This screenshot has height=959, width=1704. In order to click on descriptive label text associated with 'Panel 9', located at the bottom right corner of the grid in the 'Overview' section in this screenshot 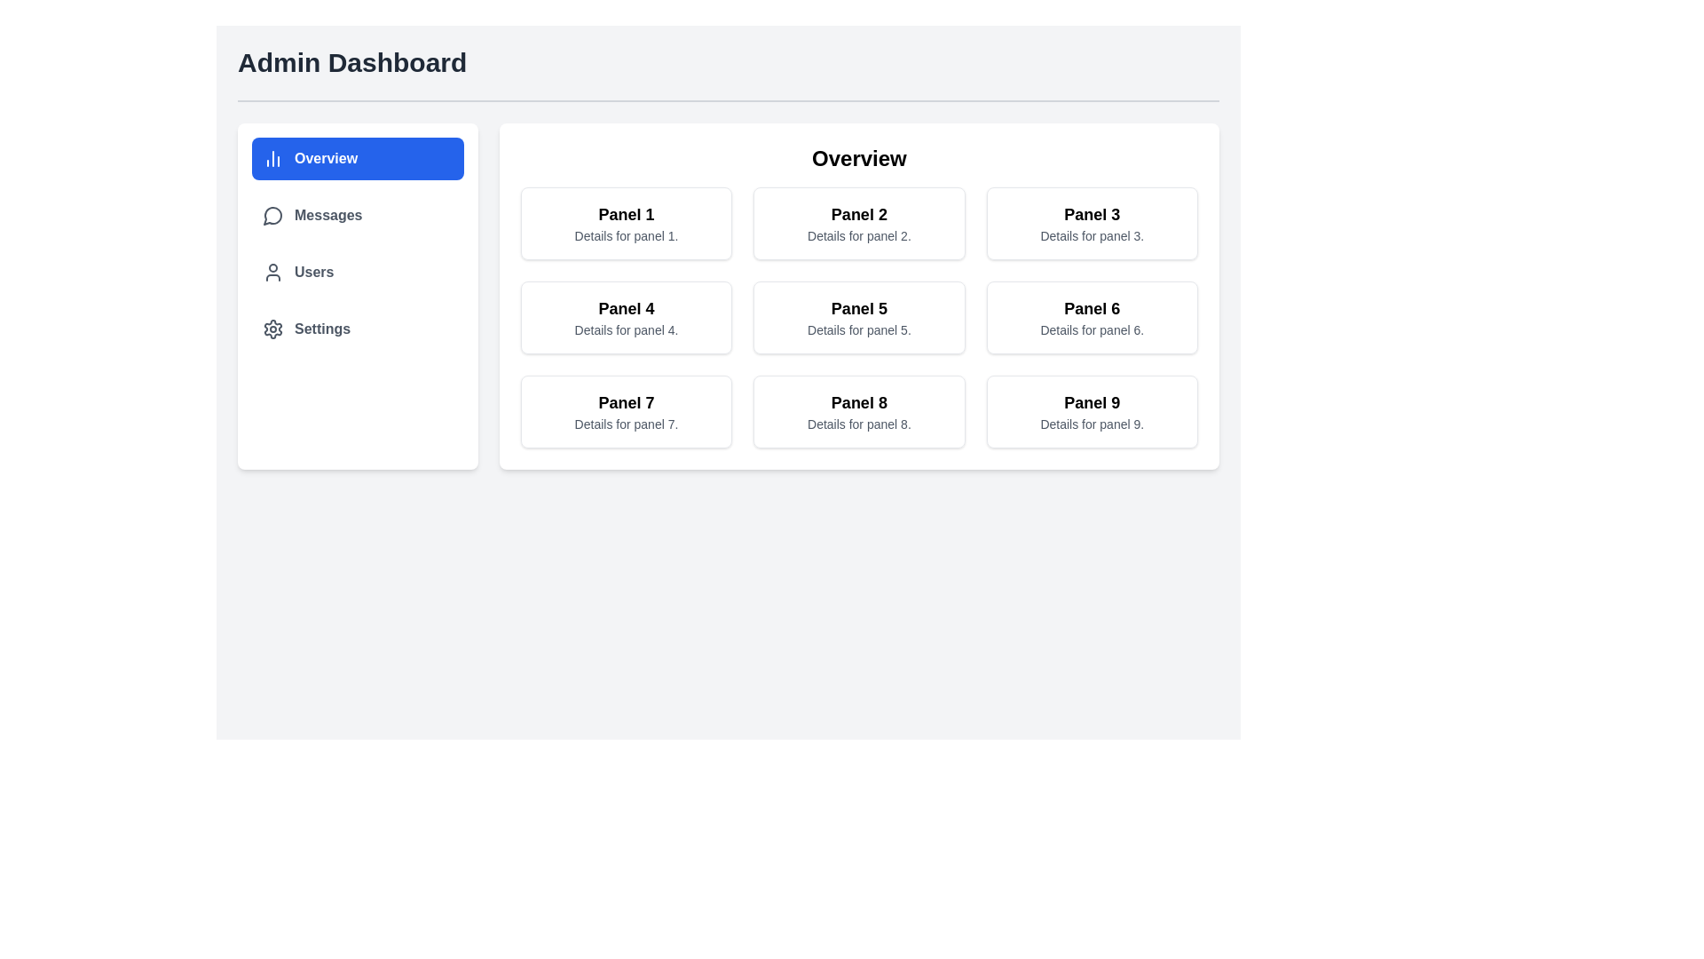, I will do `click(1091, 424)`.